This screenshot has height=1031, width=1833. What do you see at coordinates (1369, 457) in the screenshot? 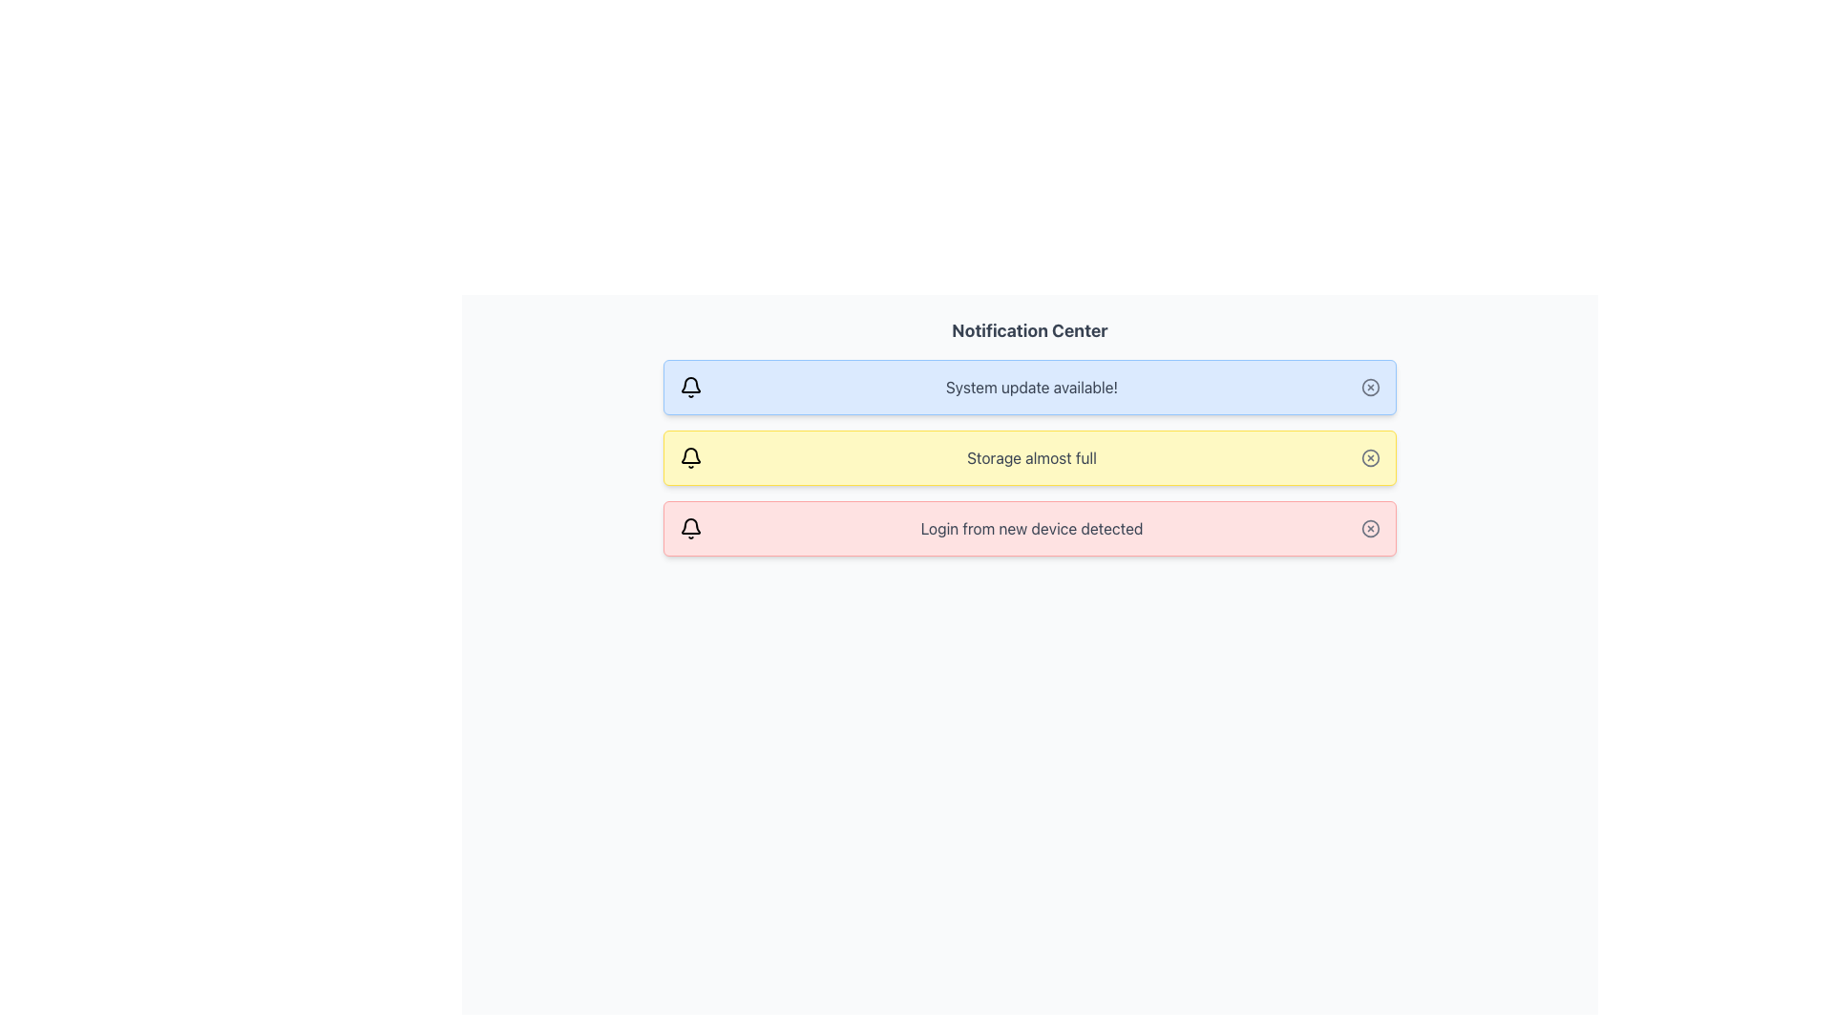
I see `the dismiss button on the right side of the 'Storage almost full' notification in the Notification Center` at bounding box center [1369, 457].